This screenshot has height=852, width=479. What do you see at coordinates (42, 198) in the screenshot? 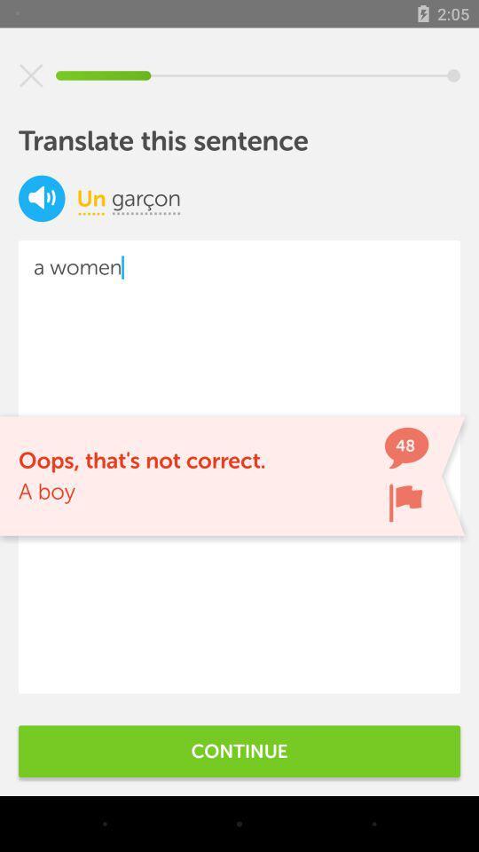
I see `listen to pronunciation` at bounding box center [42, 198].